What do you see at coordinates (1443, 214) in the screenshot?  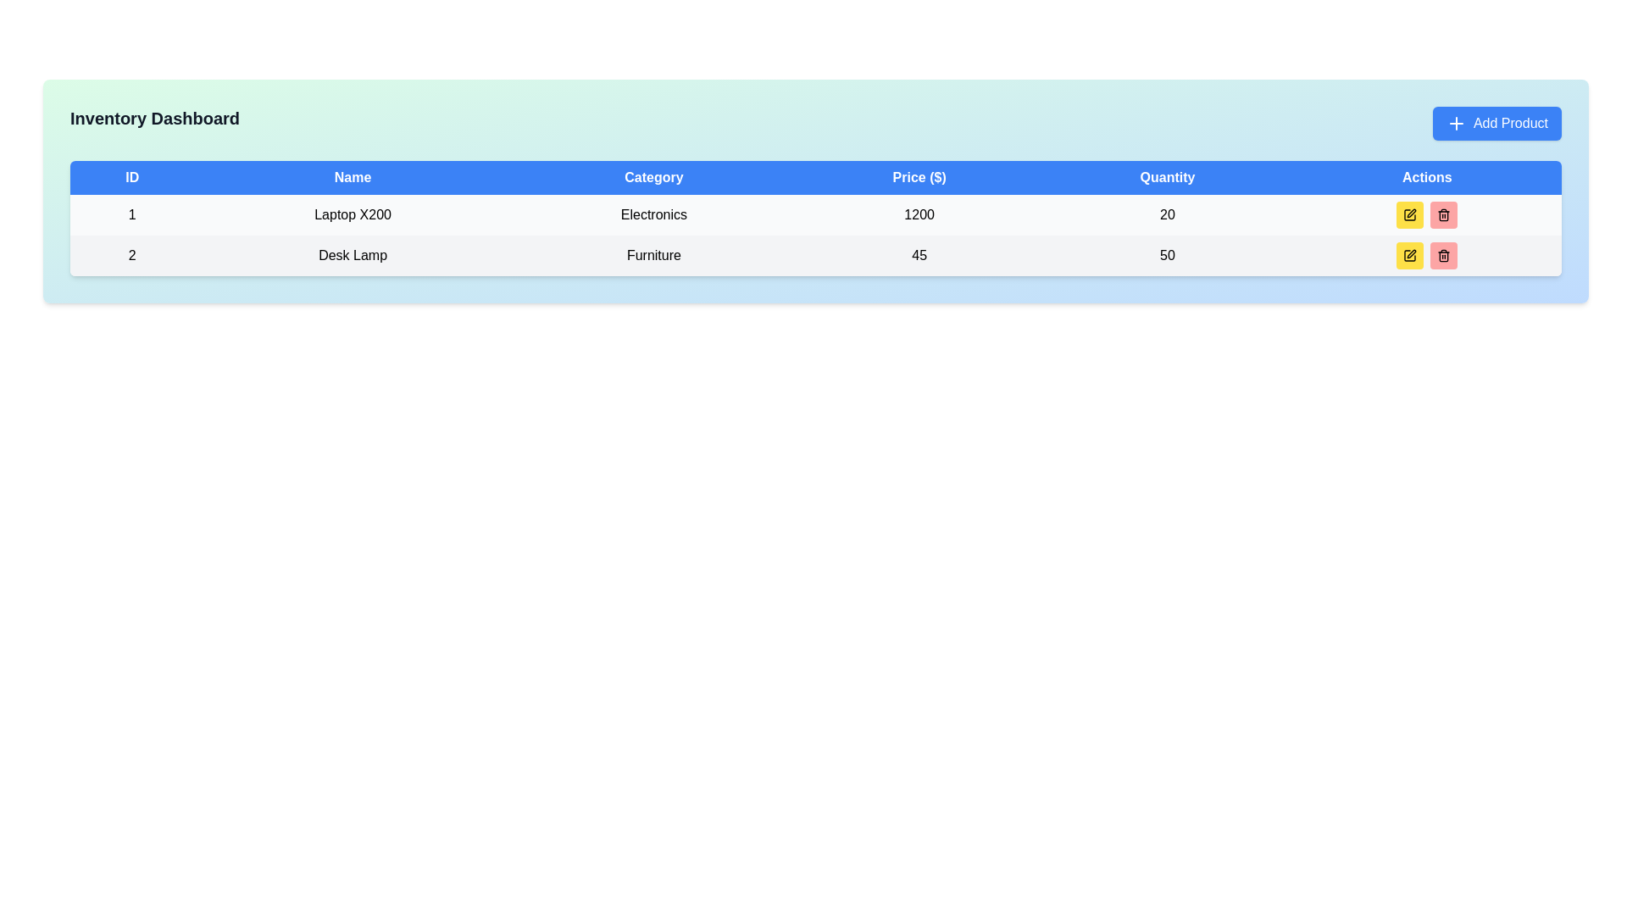 I see `the trash bin icon button with a red background located in the 'Actions' column of the second row` at bounding box center [1443, 214].